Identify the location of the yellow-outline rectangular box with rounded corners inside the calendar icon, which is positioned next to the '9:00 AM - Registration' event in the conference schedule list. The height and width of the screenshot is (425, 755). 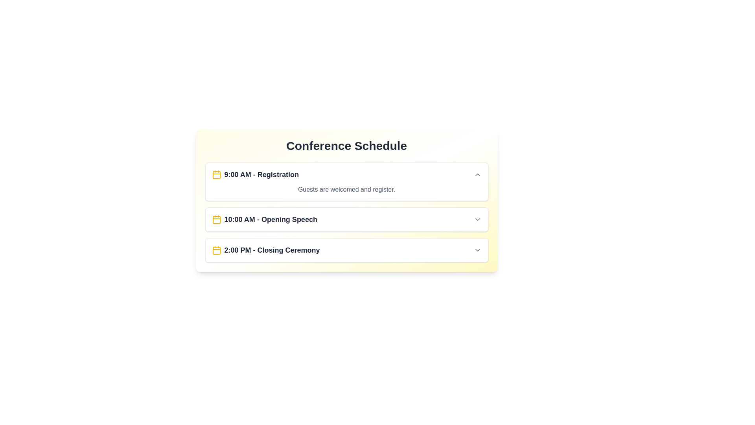
(216, 174).